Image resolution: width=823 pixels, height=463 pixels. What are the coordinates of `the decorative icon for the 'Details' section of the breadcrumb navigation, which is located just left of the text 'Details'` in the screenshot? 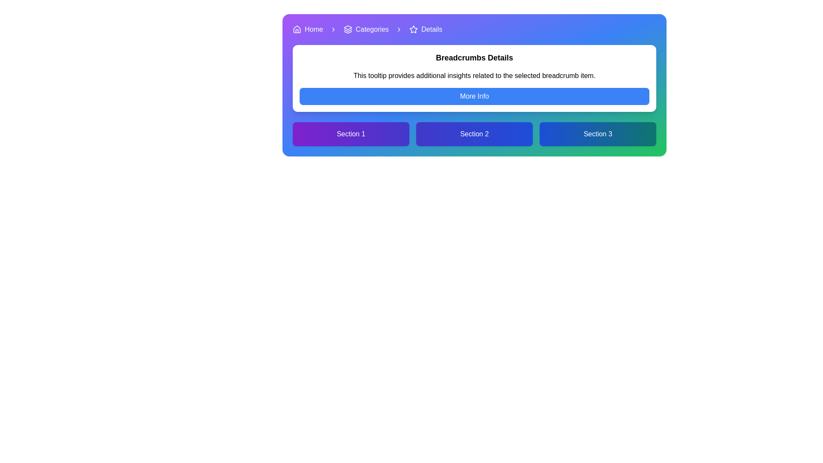 It's located at (413, 29).